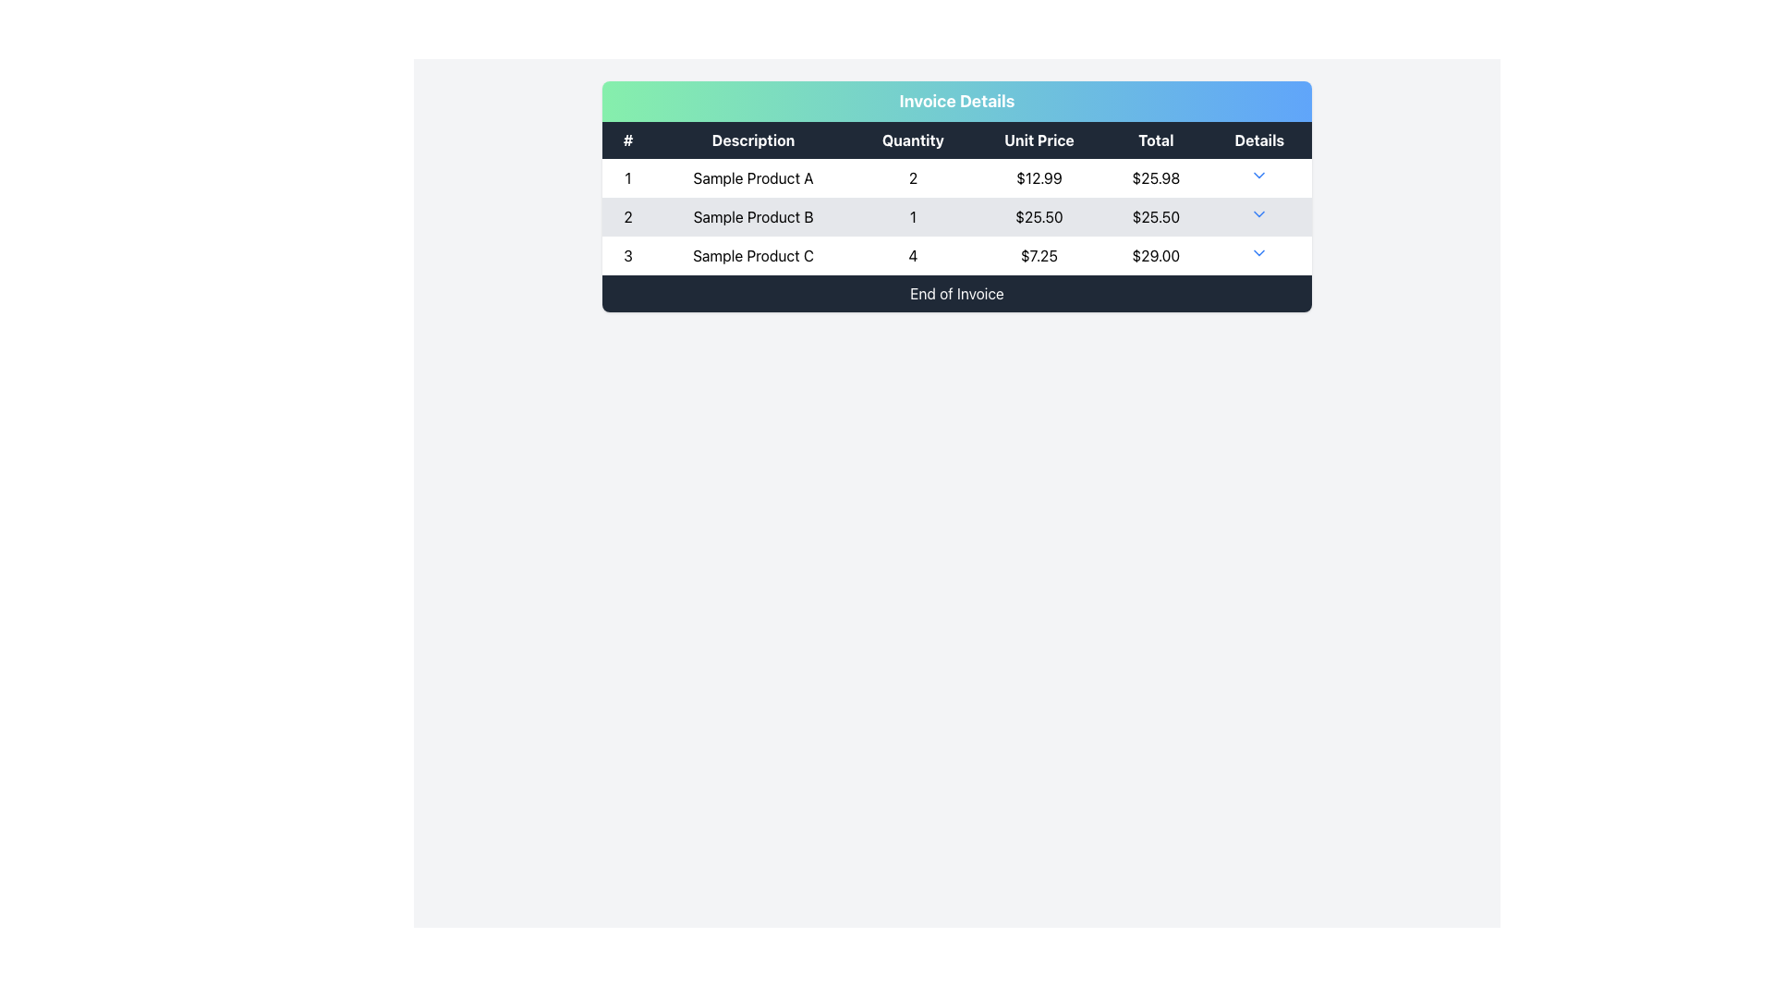 This screenshot has height=998, width=1774. What do you see at coordinates (753, 216) in the screenshot?
I see `the Text Label element displaying 'Sample Product B' located in the second row under the 'Description' column of the table` at bounding box center [753, 216].